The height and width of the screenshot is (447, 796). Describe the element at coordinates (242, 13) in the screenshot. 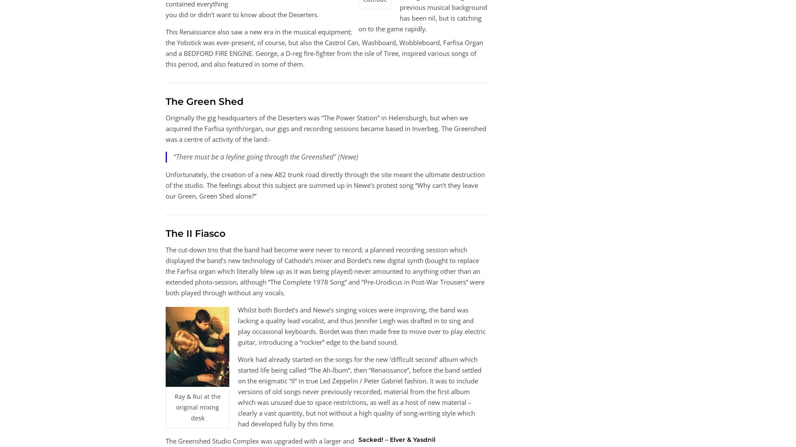

I see `'you did or didn’t want to know about the Deserters.'` at that location.